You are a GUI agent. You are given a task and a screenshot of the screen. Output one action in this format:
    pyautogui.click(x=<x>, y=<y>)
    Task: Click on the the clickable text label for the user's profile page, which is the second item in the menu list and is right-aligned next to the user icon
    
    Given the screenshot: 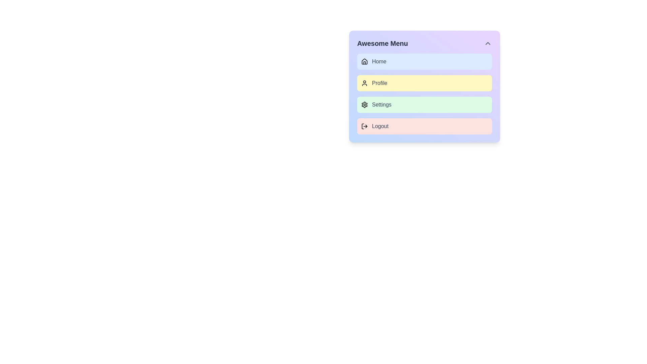 What is the action you would take?
    pyautogui.click(x=379, y=83)
    